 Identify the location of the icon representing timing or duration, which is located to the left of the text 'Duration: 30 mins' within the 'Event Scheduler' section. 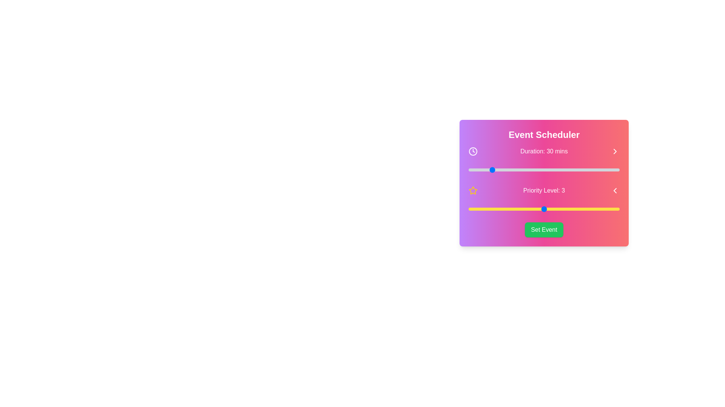
(472, 151).